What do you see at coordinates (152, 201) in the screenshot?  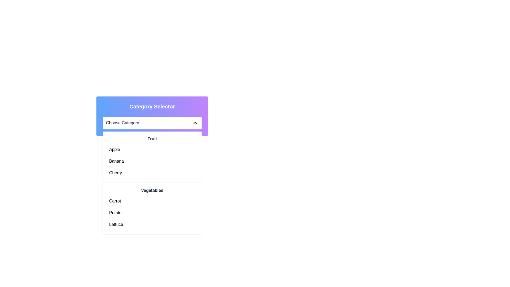 I see `the 'Carrot' selectable item in the 'Vegetables' submenu of the dropdown menu` at bounding box center [152, 201].